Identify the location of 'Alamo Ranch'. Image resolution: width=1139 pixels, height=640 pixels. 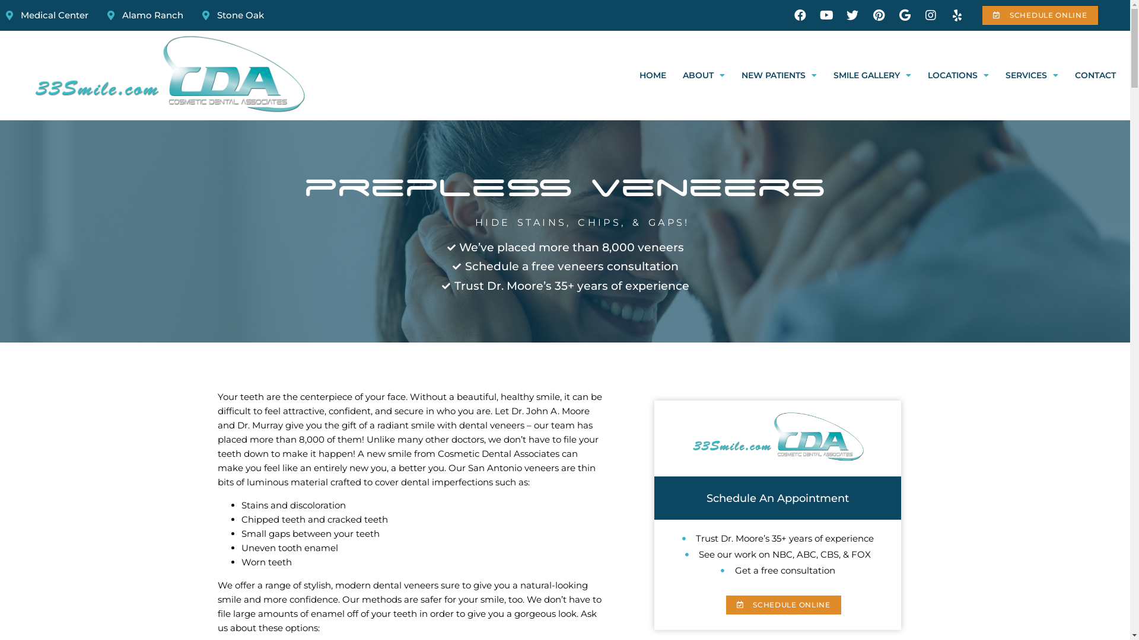
(144, 15).